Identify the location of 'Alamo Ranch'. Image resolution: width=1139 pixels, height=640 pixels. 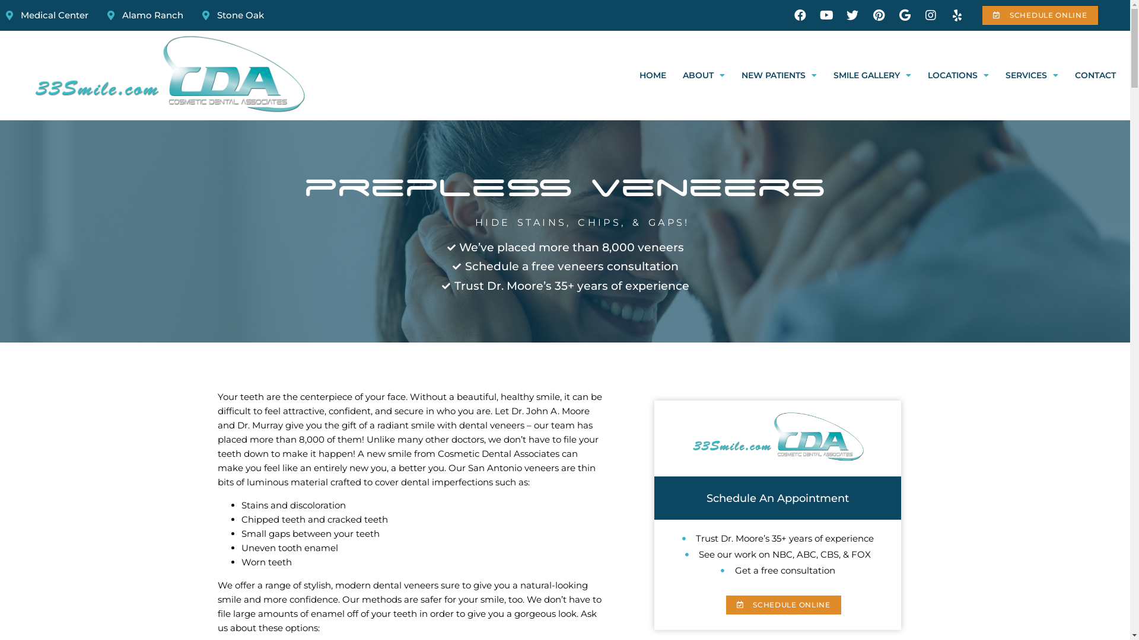
(144, 15).